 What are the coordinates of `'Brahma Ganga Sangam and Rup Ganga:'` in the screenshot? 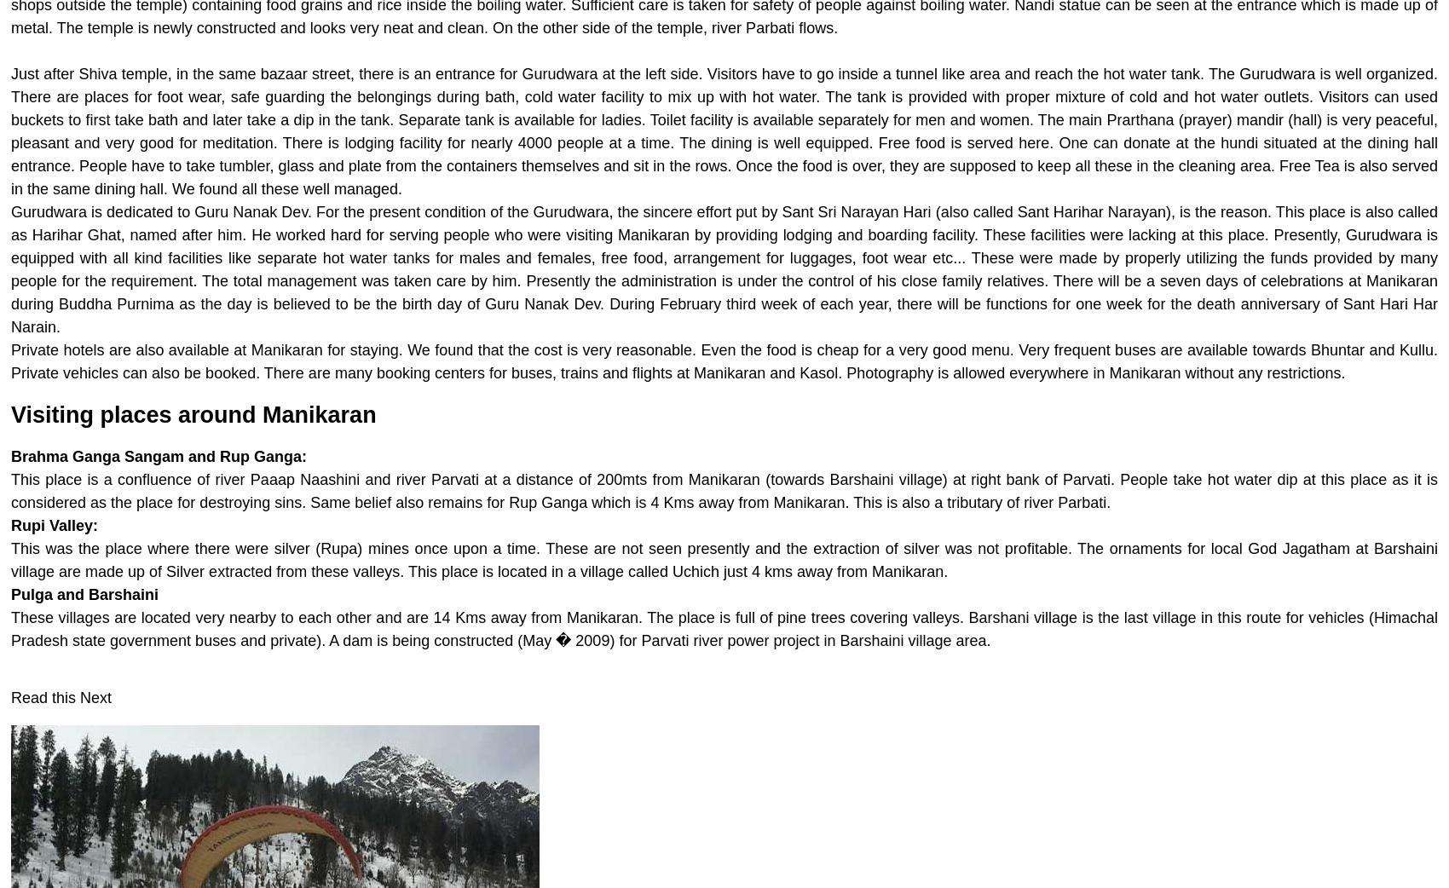 It's located at (158, 456).